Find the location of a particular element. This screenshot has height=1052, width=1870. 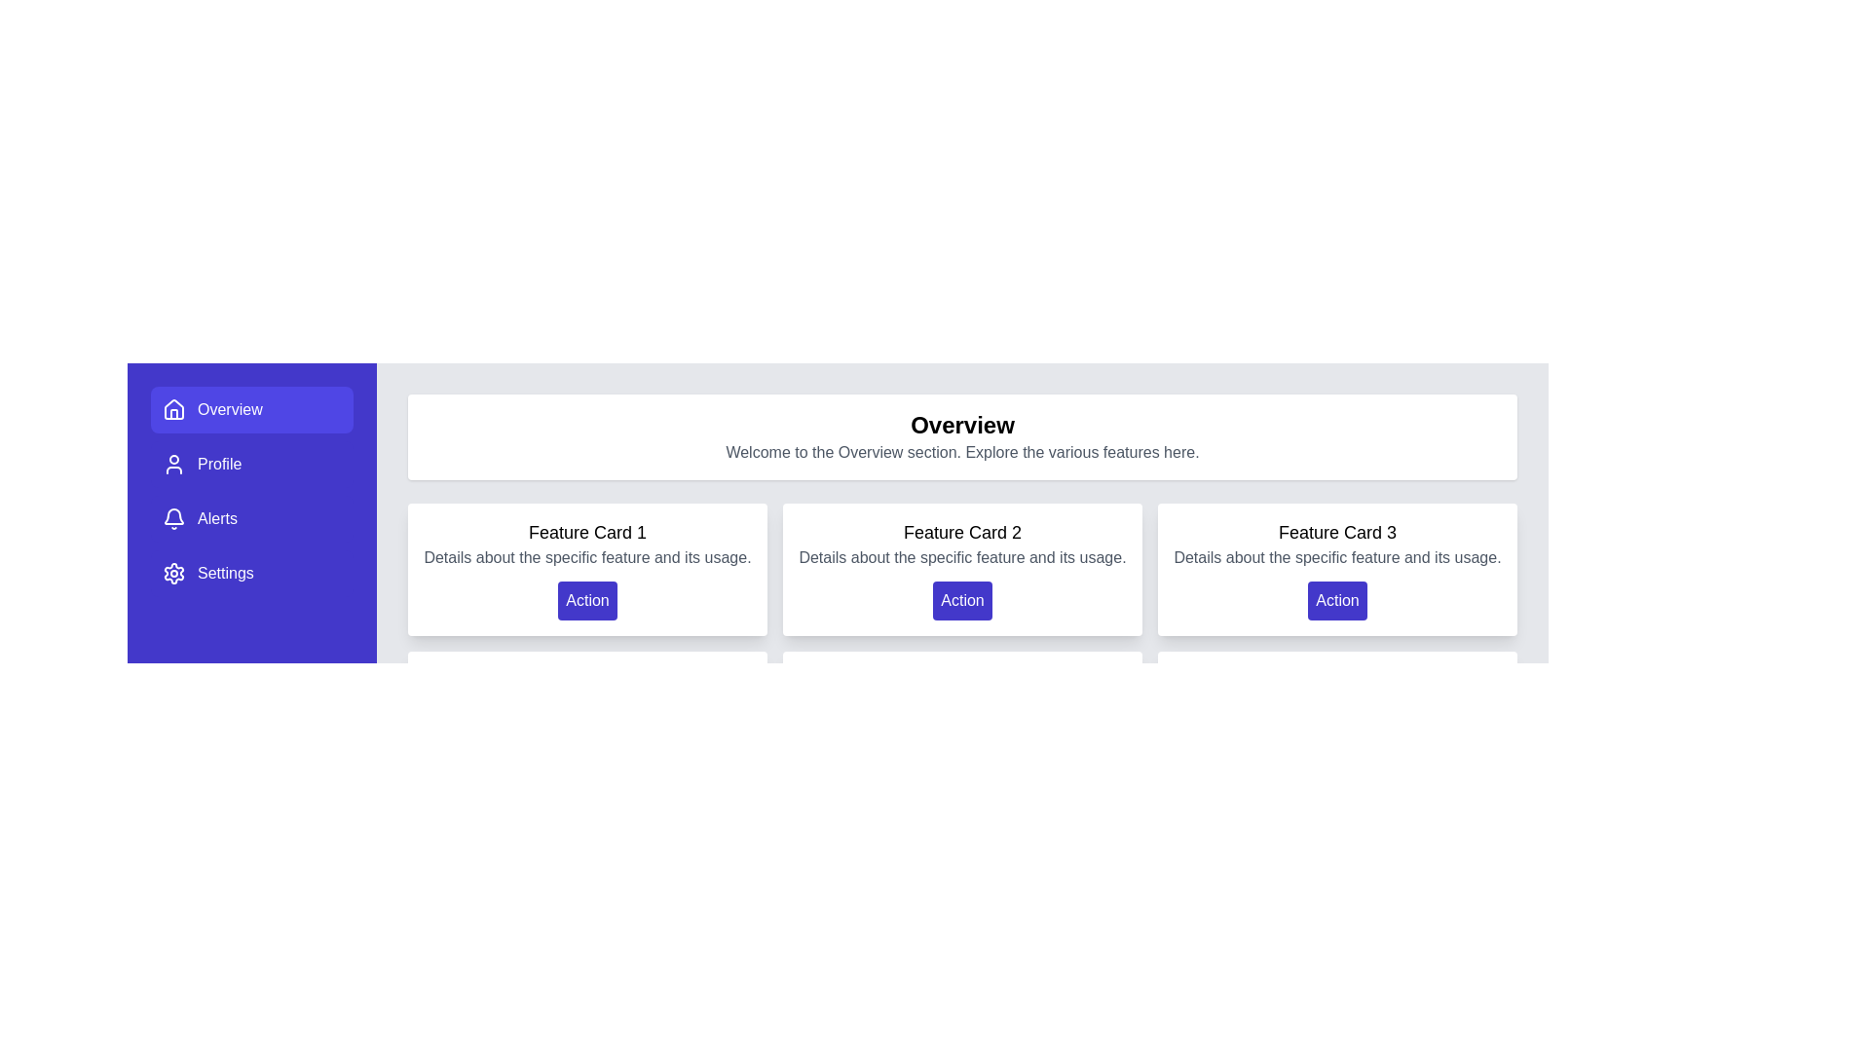

the rounded rectangular button labeled 'Action' with a purple background located at the bottom center of 'Feature Card 2' is located at coordinates (962, 600).